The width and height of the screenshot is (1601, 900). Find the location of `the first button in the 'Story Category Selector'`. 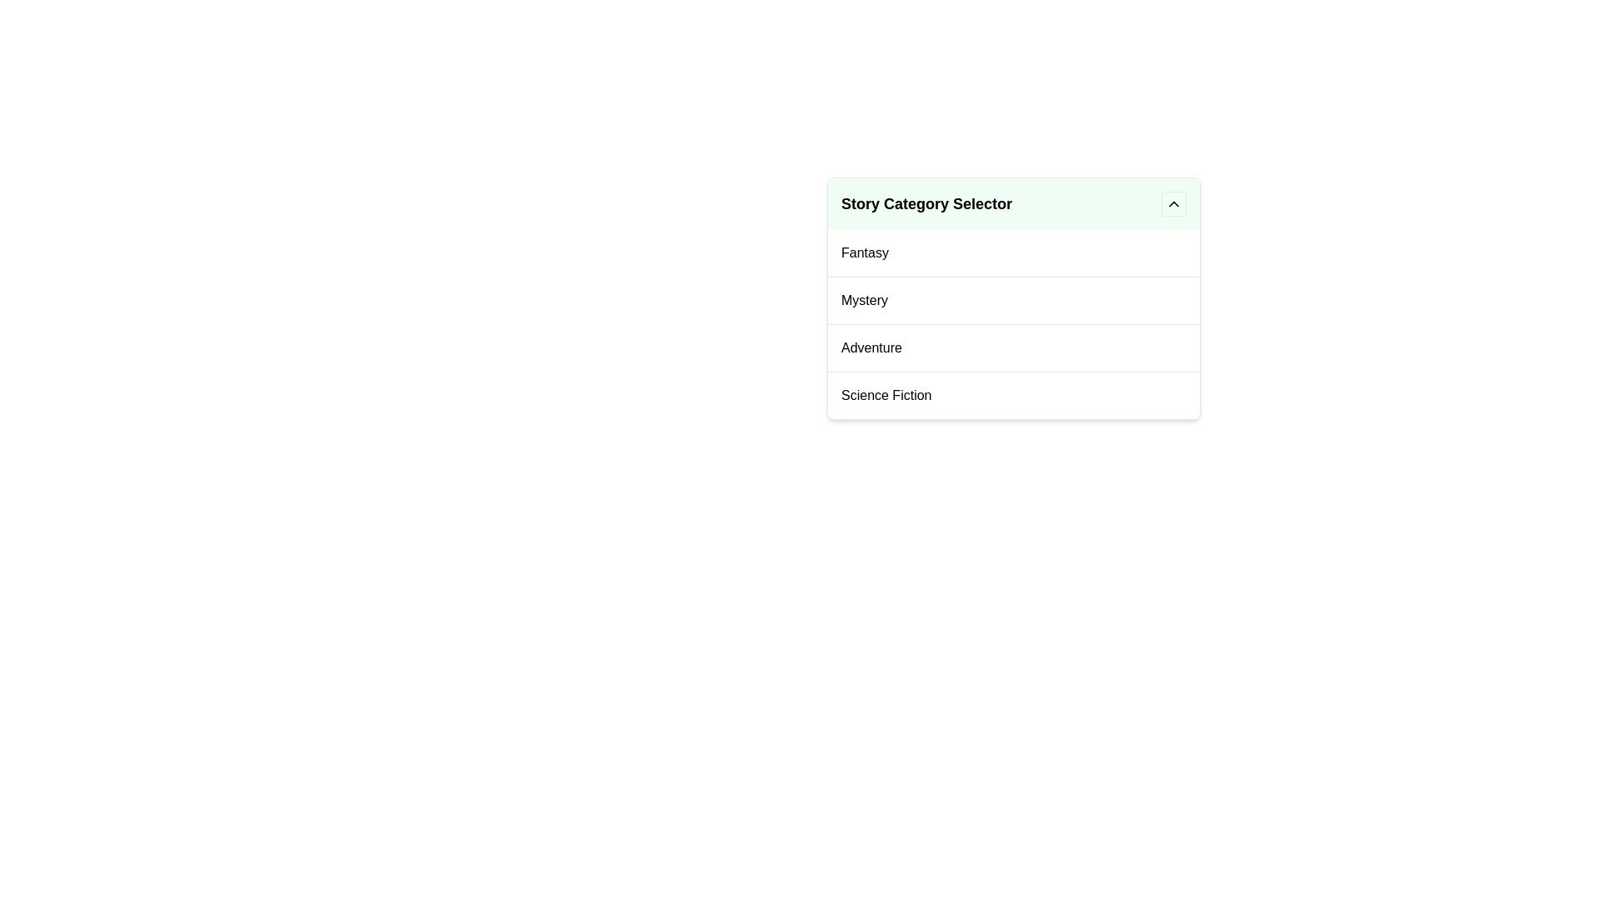

the first button in the 'Story Category Selector' is located at coordinates (1012, 253).